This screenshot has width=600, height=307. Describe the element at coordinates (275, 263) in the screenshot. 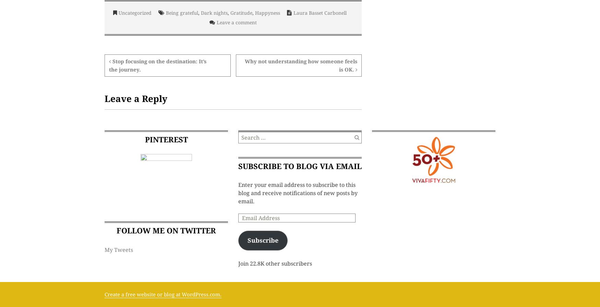

I see `'Join 22.8K other subscribers'` at that location.